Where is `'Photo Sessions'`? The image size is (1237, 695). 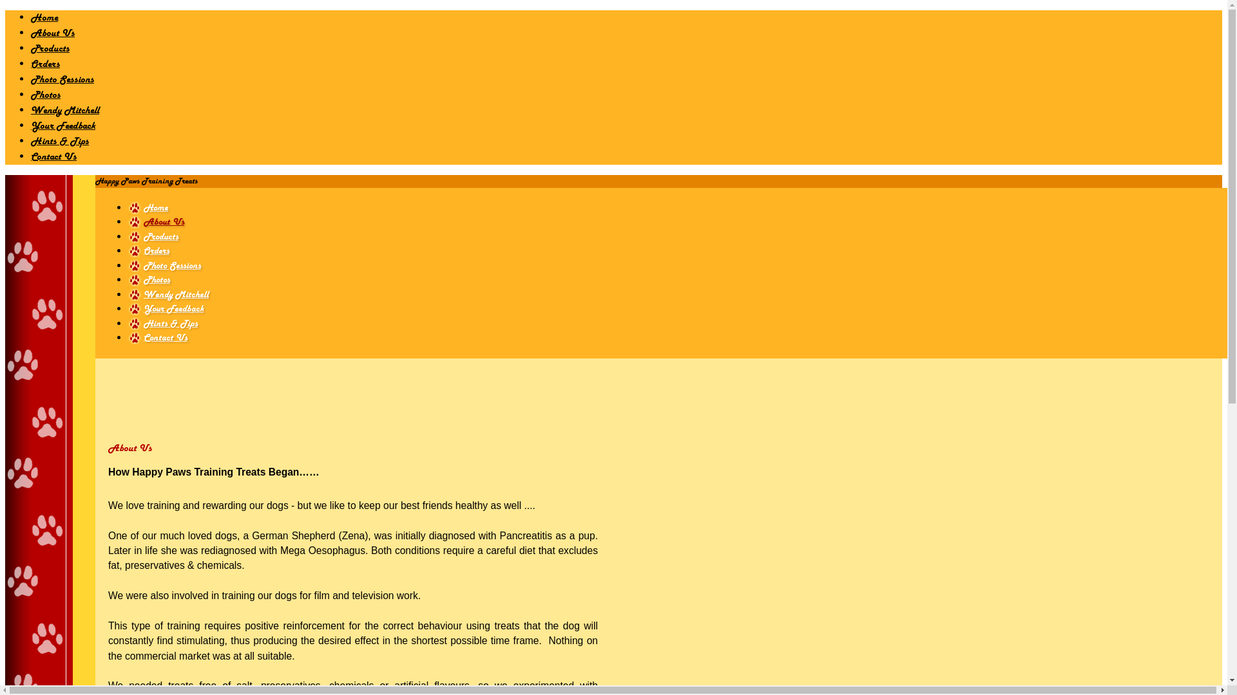
'Photo Sessions' is located at coordinates (163, 264).